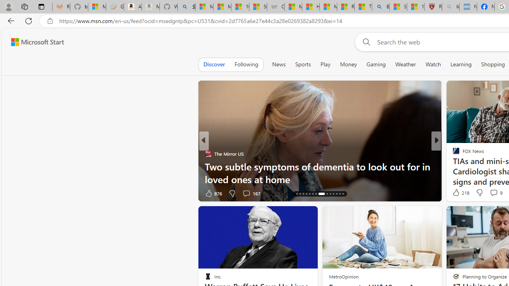 Image resolution: width=509 pixels, height=286 pixels. What do you see at coordinates (330, 194) in the screenshot?
I see `'AutomationID: tab-24'` at bounding box center [330, 194].